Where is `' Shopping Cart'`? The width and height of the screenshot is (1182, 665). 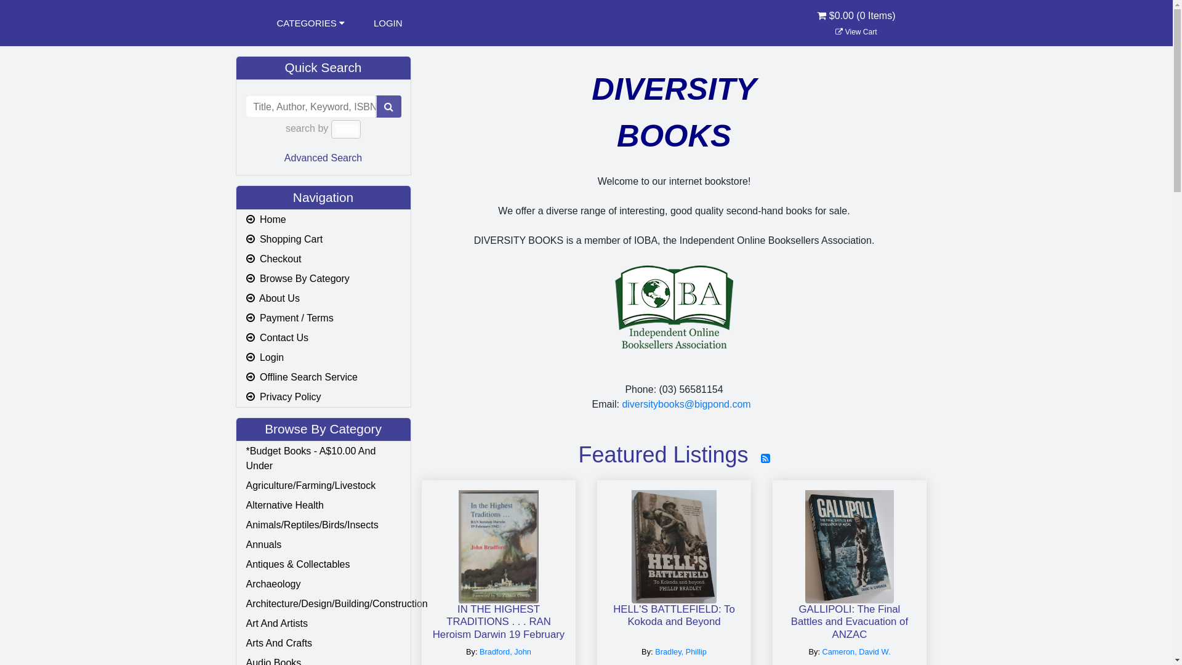 ' Shopping Cart' is located at coordinates (236, 240).